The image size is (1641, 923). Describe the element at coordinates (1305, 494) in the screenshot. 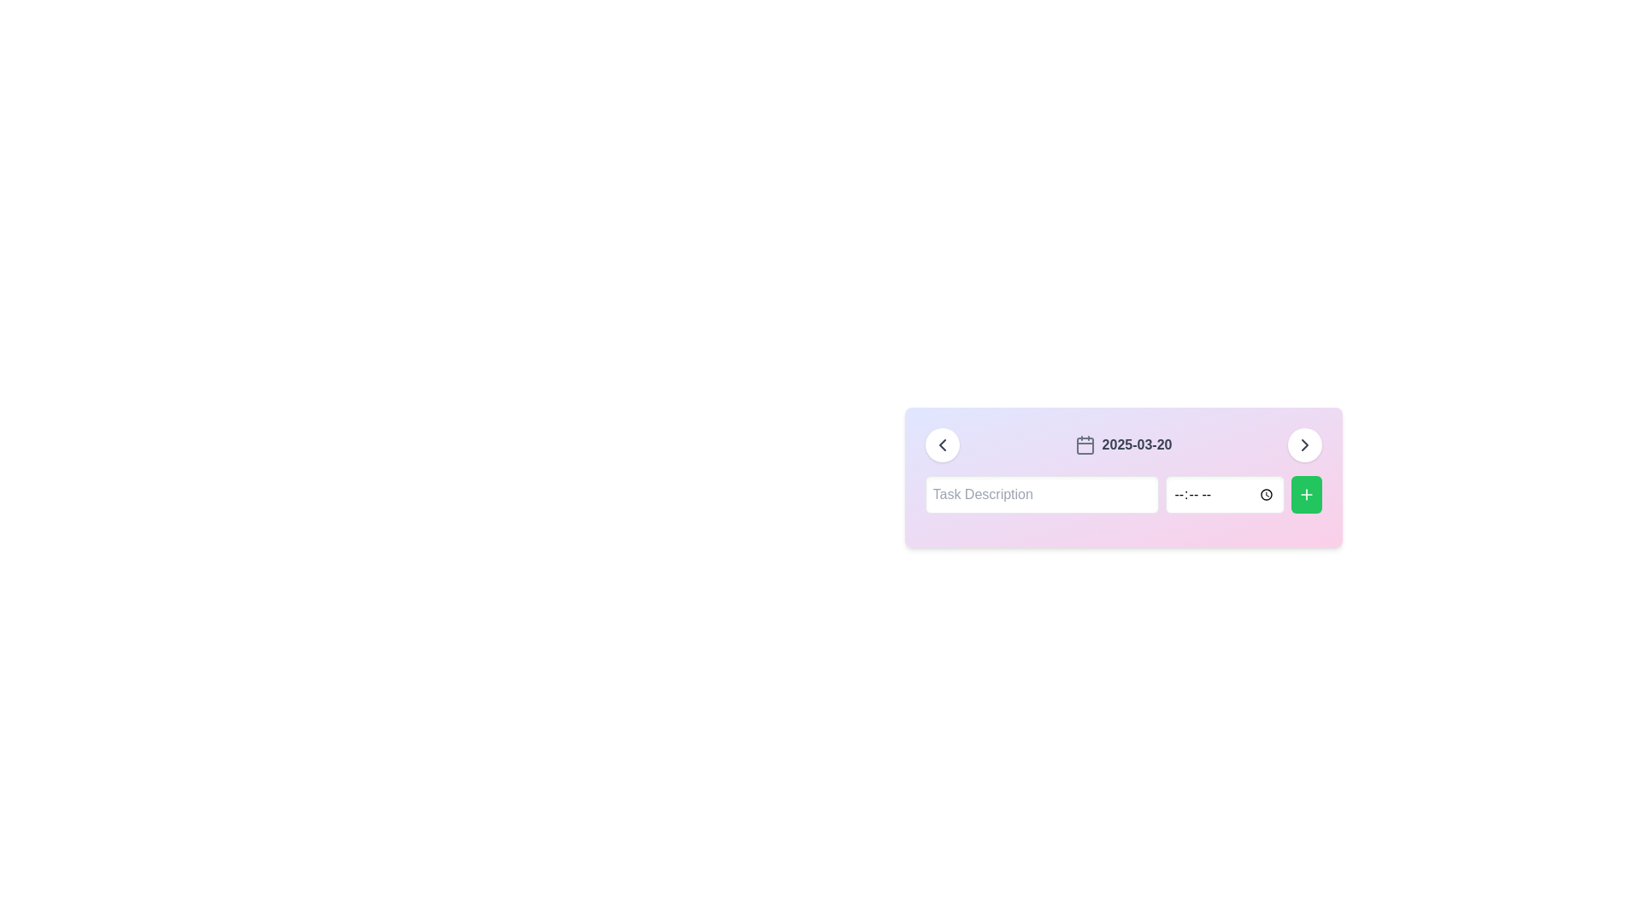

I see `the green square button with a plus symbol in the center` at that location.